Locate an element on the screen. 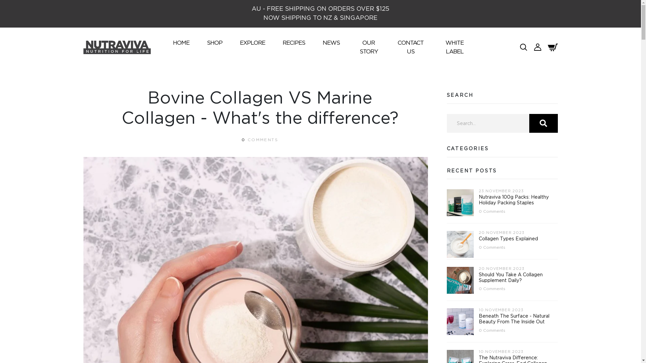 The height and width of the screenshot is (363, 646). '0' is located at coordinates (243, 139).